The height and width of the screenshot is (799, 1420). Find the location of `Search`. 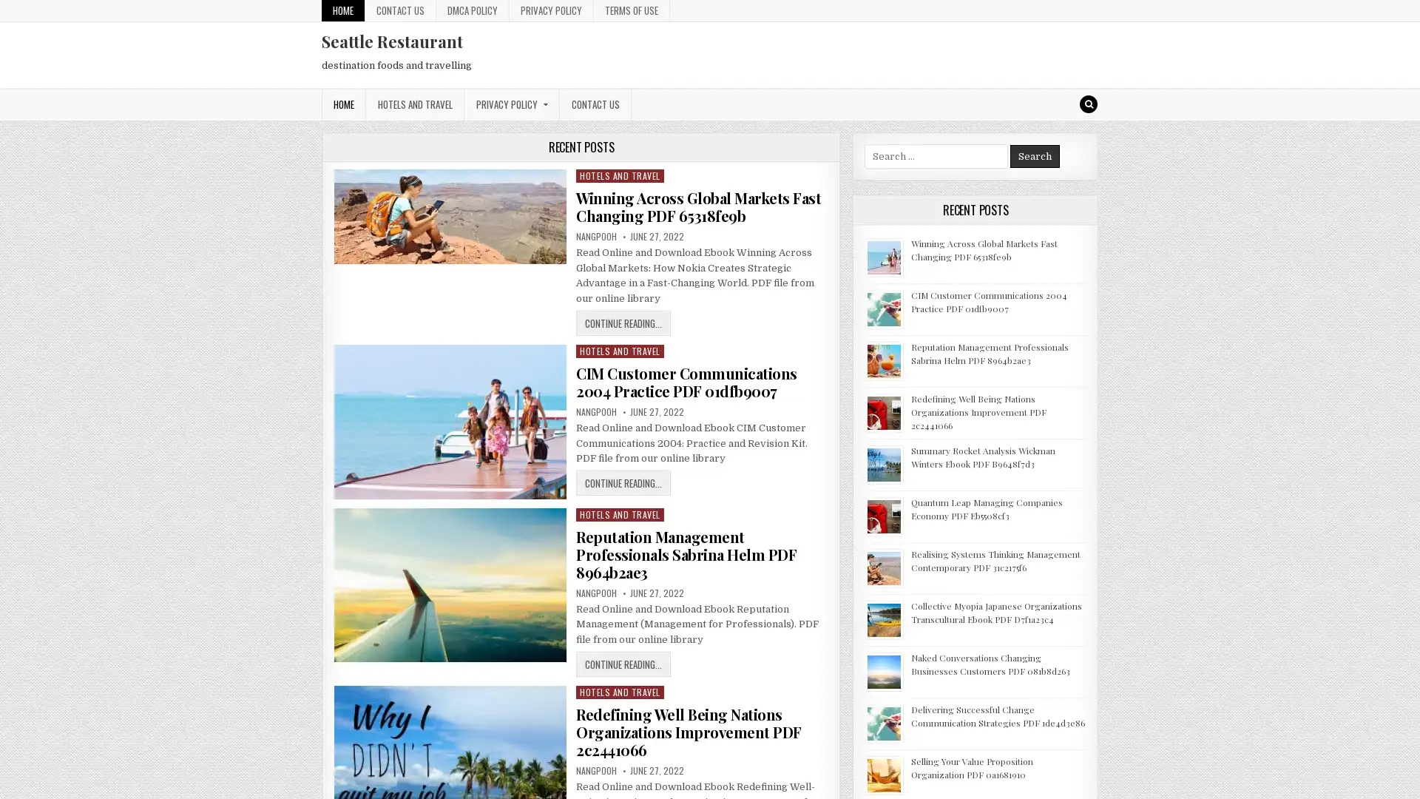

Search is located at coordinates (1034, 156).